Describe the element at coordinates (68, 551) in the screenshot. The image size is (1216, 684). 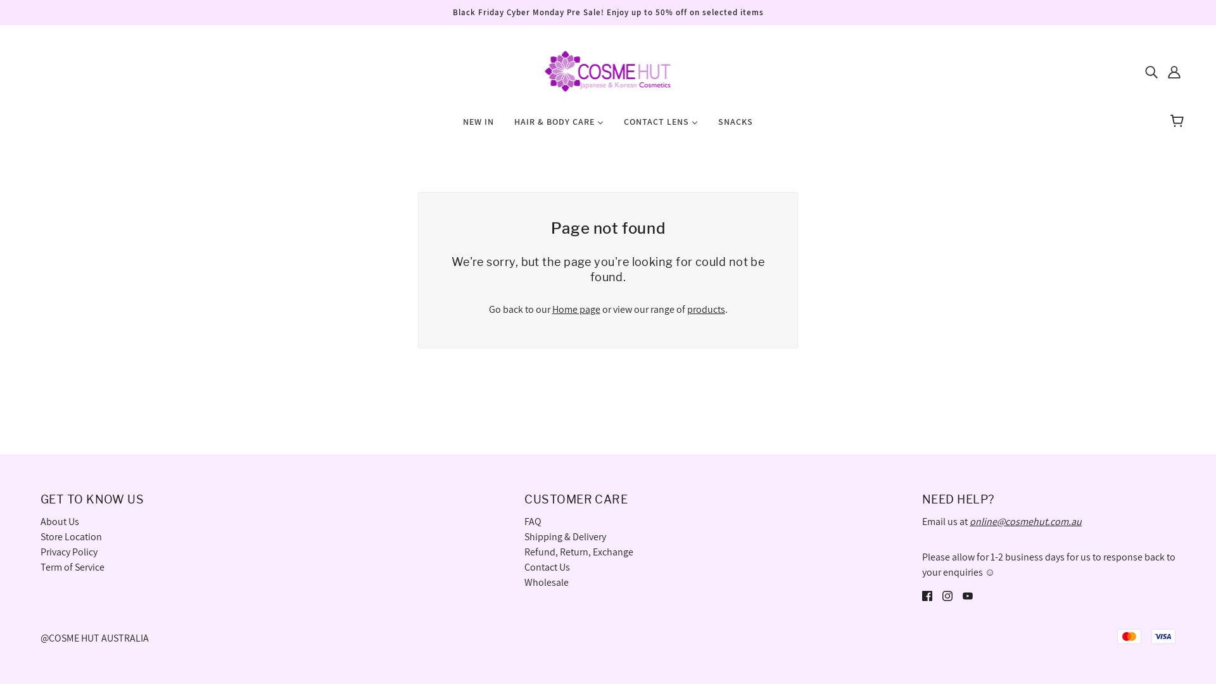
I see `'Privacy Policy'` at that location.